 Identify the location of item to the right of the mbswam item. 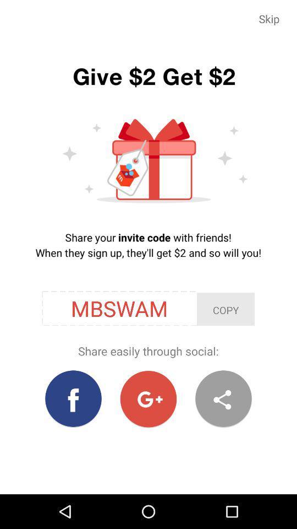
(225, 309).